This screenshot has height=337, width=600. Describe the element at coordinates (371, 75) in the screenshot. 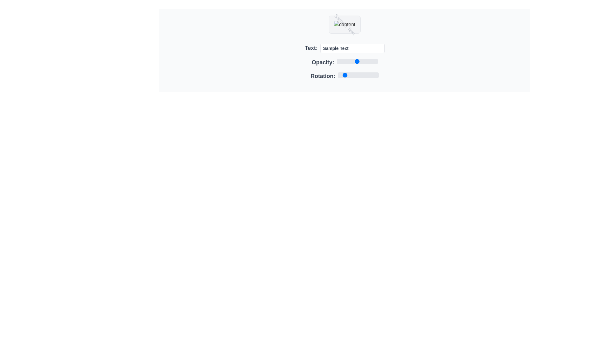

I see `rotation` at that location.